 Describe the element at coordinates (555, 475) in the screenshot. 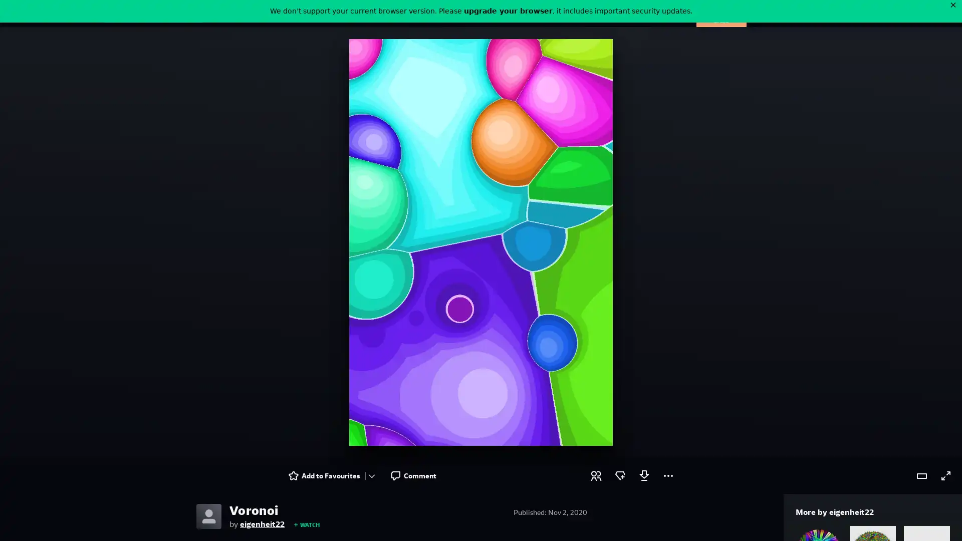

I see `Log in to download` at that location.